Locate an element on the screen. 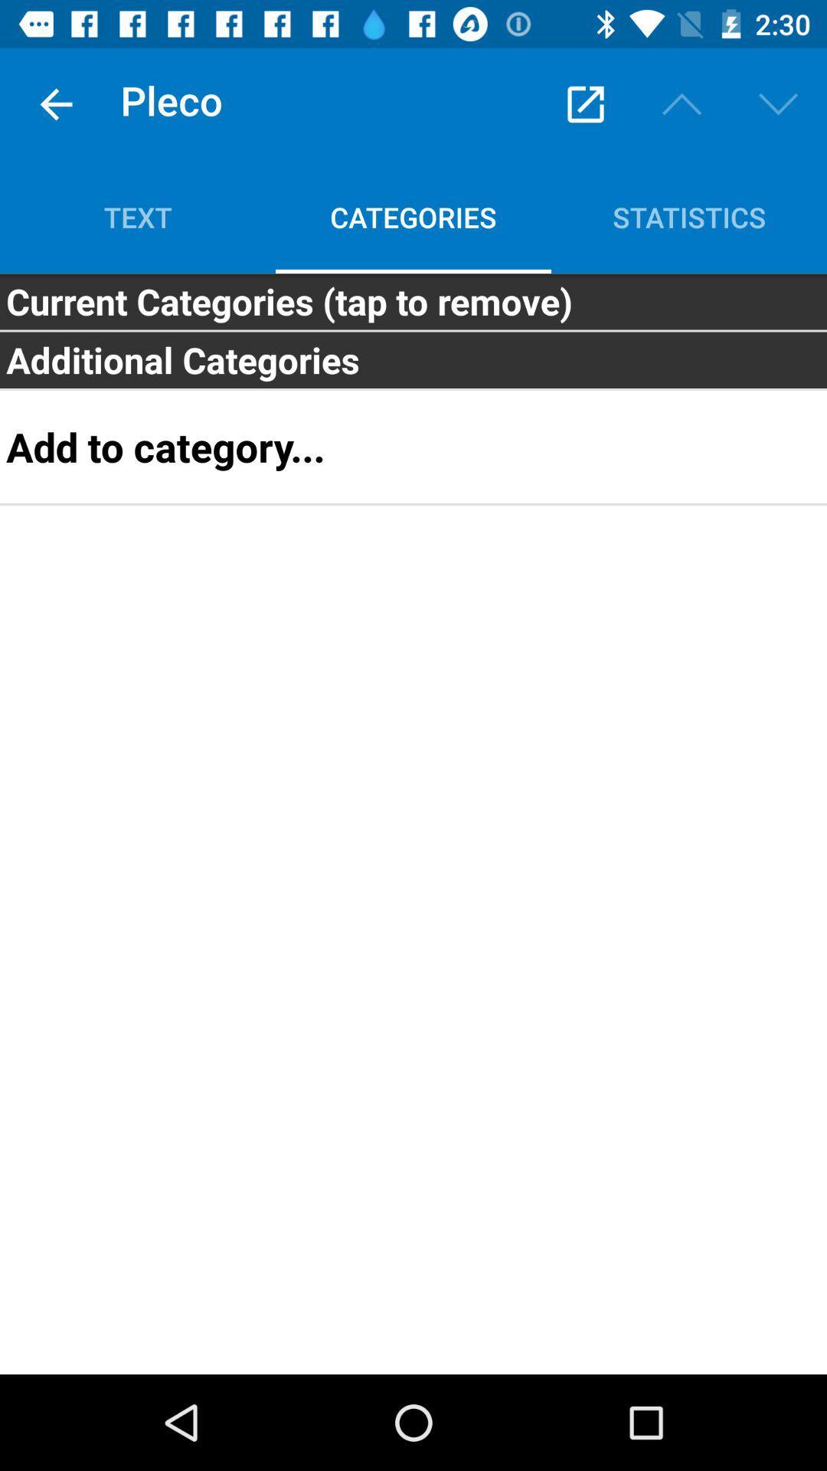  item above categories icon is located at coordinates (585, 103).